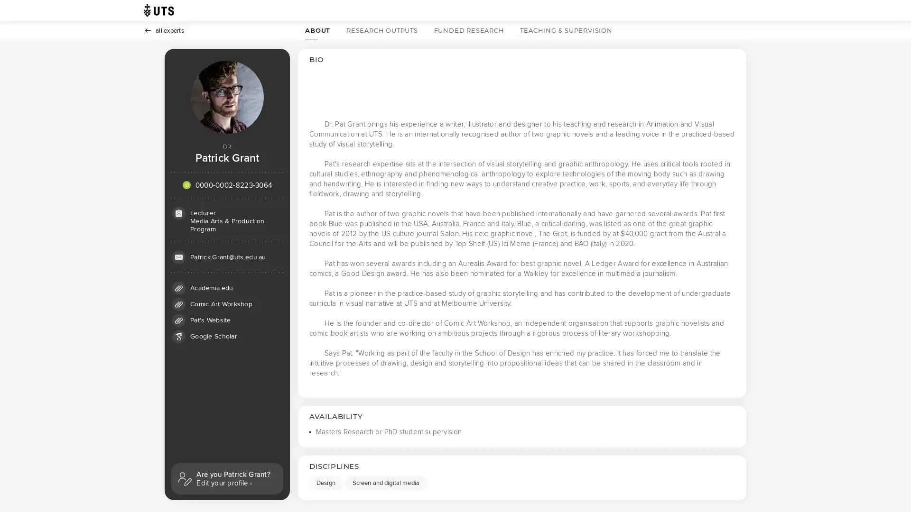  What do you see at coordinates (325, 483) in the screenshot?
I see `Design Click to search for profiles with this tag.` at bounding box center [325, 483].